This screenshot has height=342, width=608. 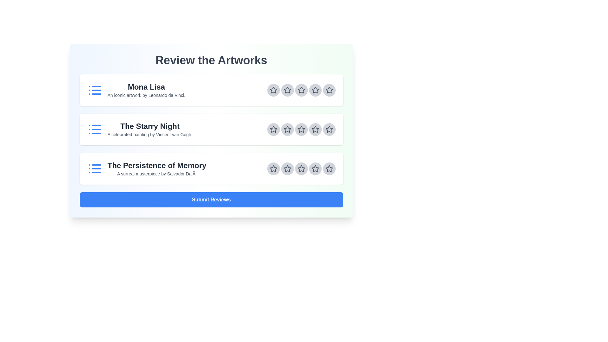 What do you see at coordinates (94, 168) in the screenshot?
I see `the artwork icon for The Persistence of Memory` at bounding box center [94, 168].